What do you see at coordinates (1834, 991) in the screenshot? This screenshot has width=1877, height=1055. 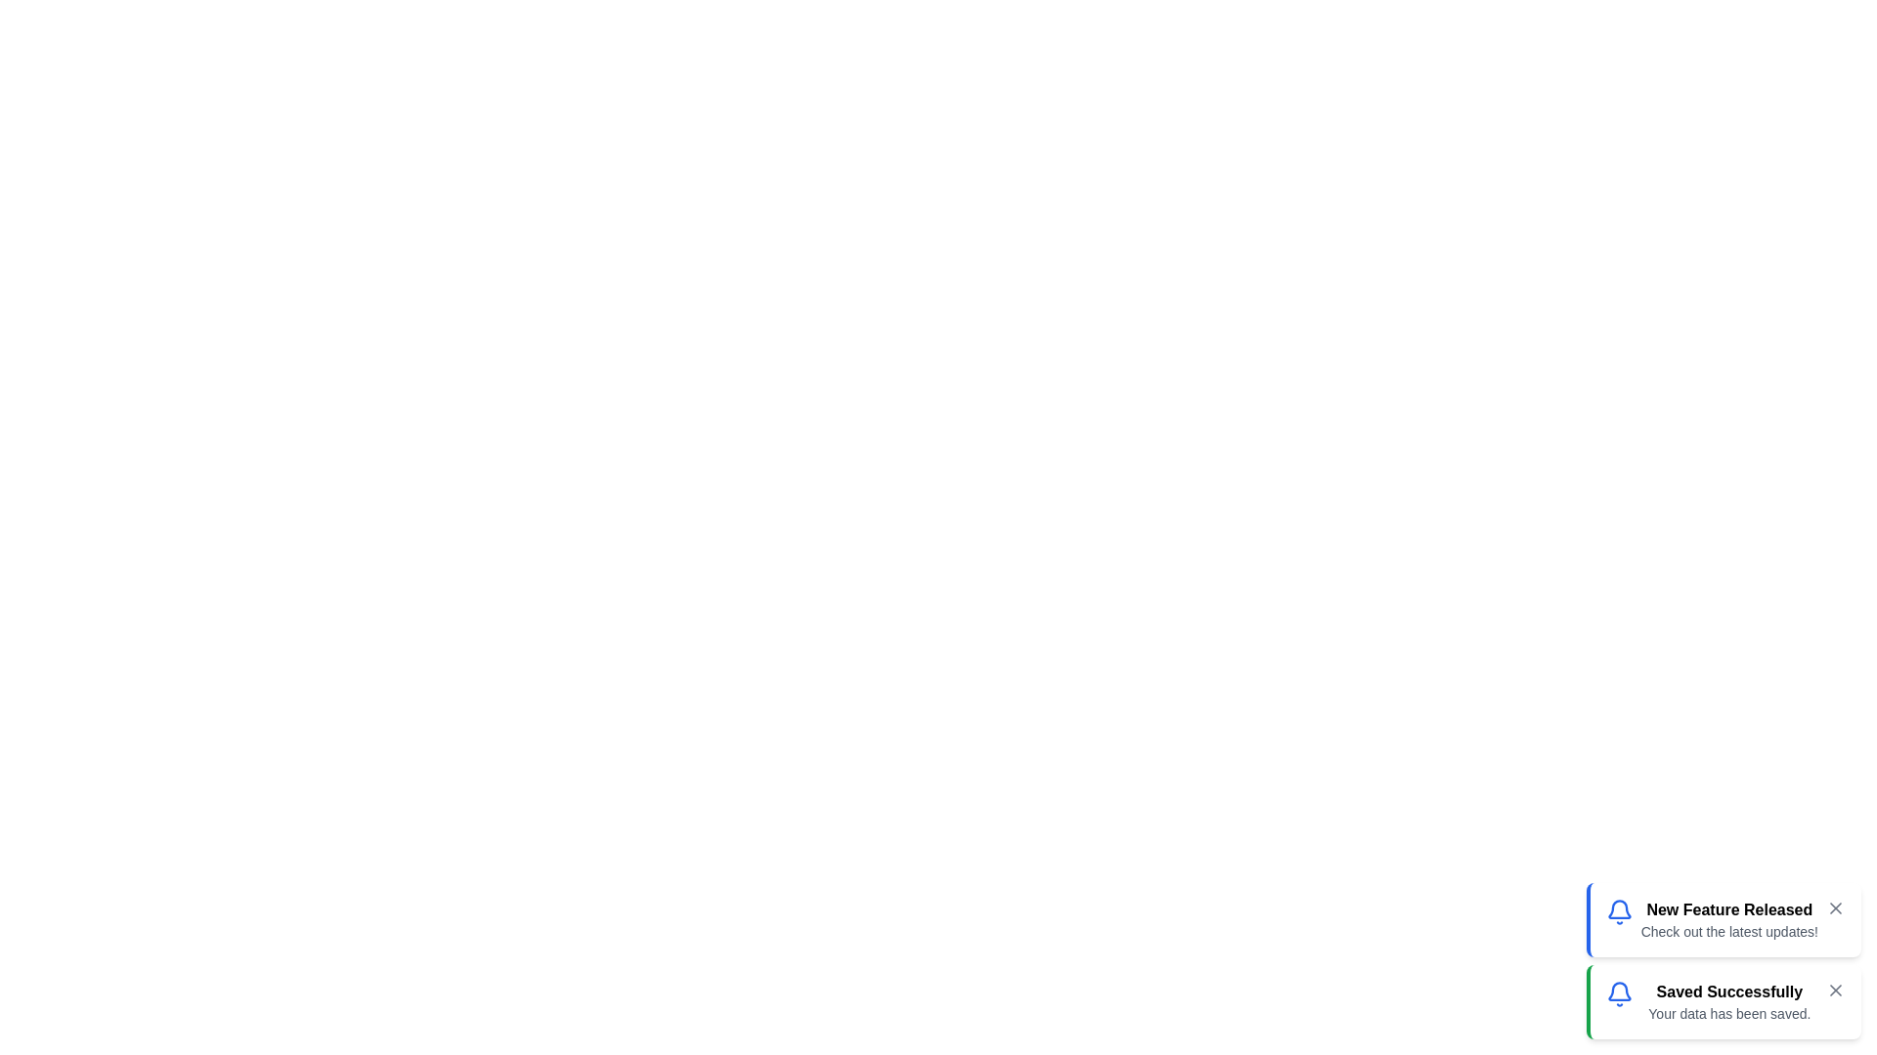 I see `the Close Icon (a diagonal cross) within the 'Saved Successfully' notification box` at bounding box center [1834, 991].